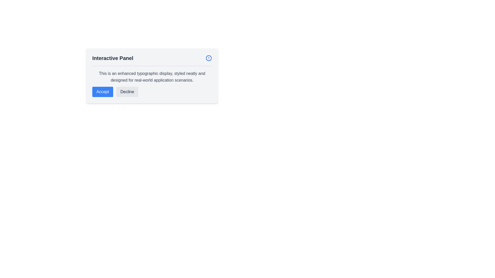  What do you see at coordinates (112, 58) in the screenshot?
I see `text label 'Interactive Panel' which is styled in bold at the top of the dialog box` at bounding box center [112, 58].